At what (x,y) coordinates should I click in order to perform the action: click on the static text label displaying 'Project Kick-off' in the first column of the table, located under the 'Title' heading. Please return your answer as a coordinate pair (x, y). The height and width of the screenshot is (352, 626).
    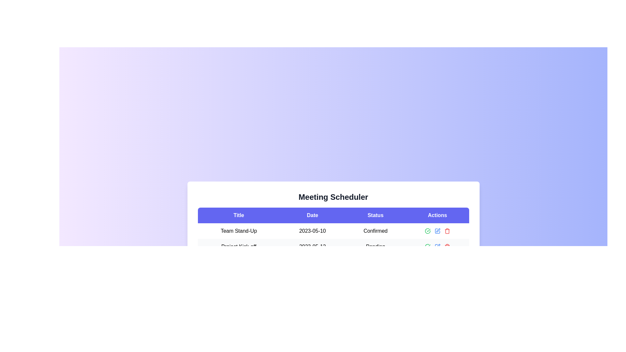
    Looking at the image, I should click on (238, 246).